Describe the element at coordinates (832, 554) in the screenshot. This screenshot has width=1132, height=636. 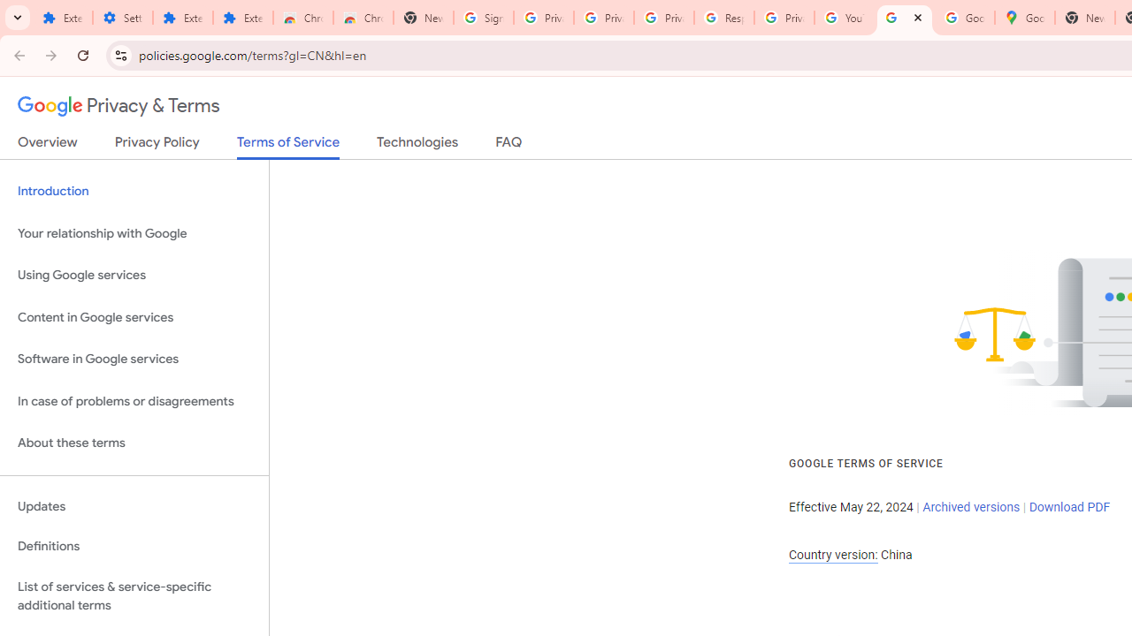
I see `'Country version:'` at that location.